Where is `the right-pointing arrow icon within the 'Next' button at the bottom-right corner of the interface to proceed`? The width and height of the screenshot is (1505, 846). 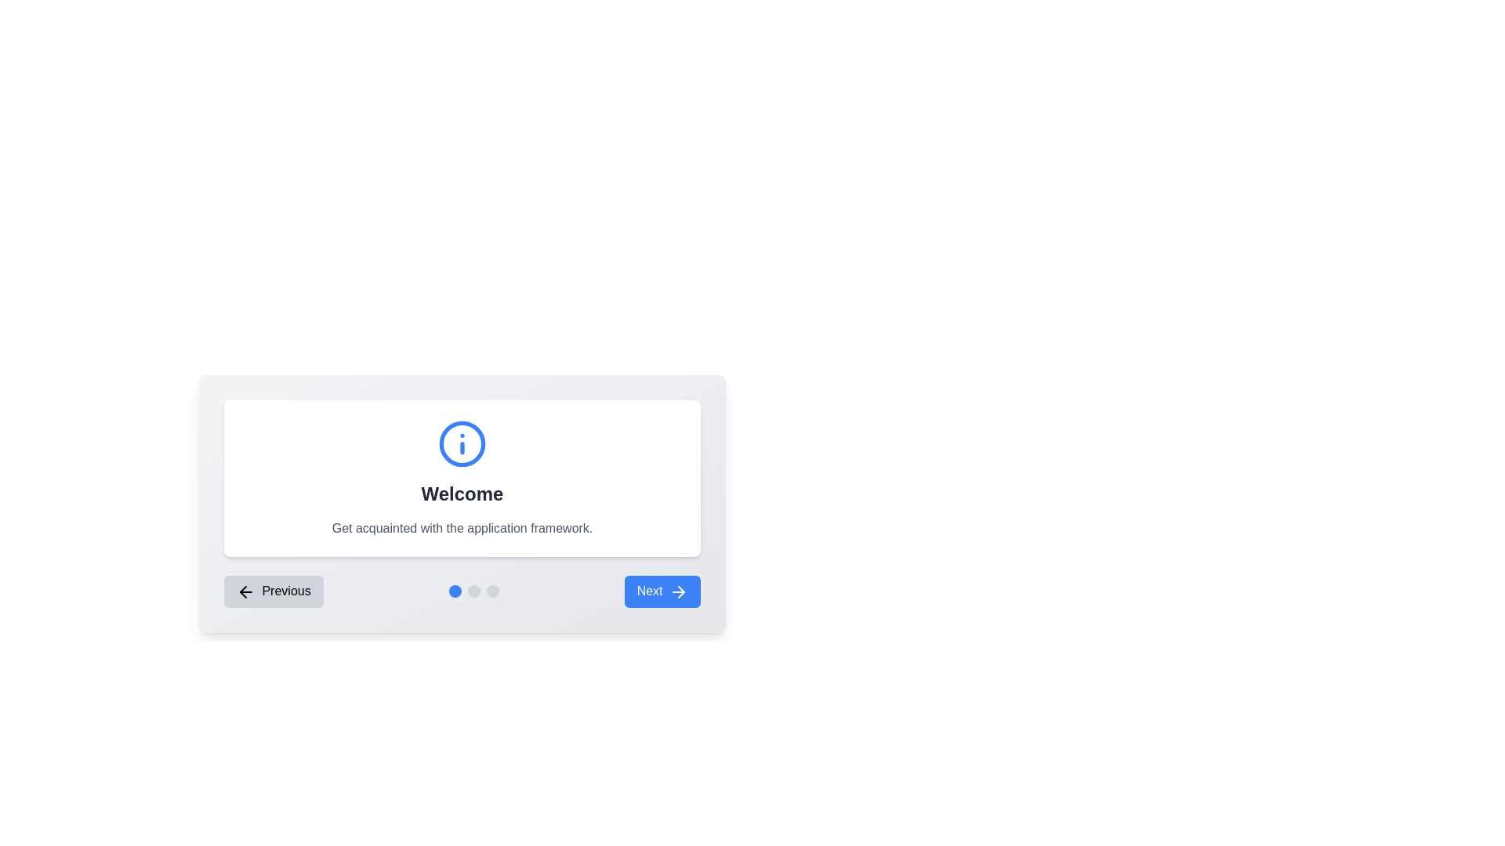
the right-pointing arrow icon within the 'Next' button at the bottom-right corner of the interface to proceed is located at coordinates (681, 591).